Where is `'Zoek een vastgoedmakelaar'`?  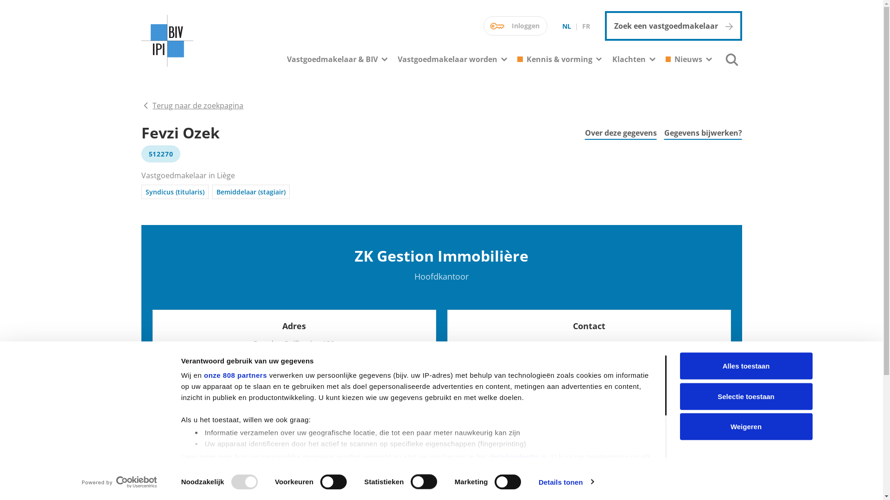 'Zoek een vastgoedmakelaar' is located at coordinates (673, 25).